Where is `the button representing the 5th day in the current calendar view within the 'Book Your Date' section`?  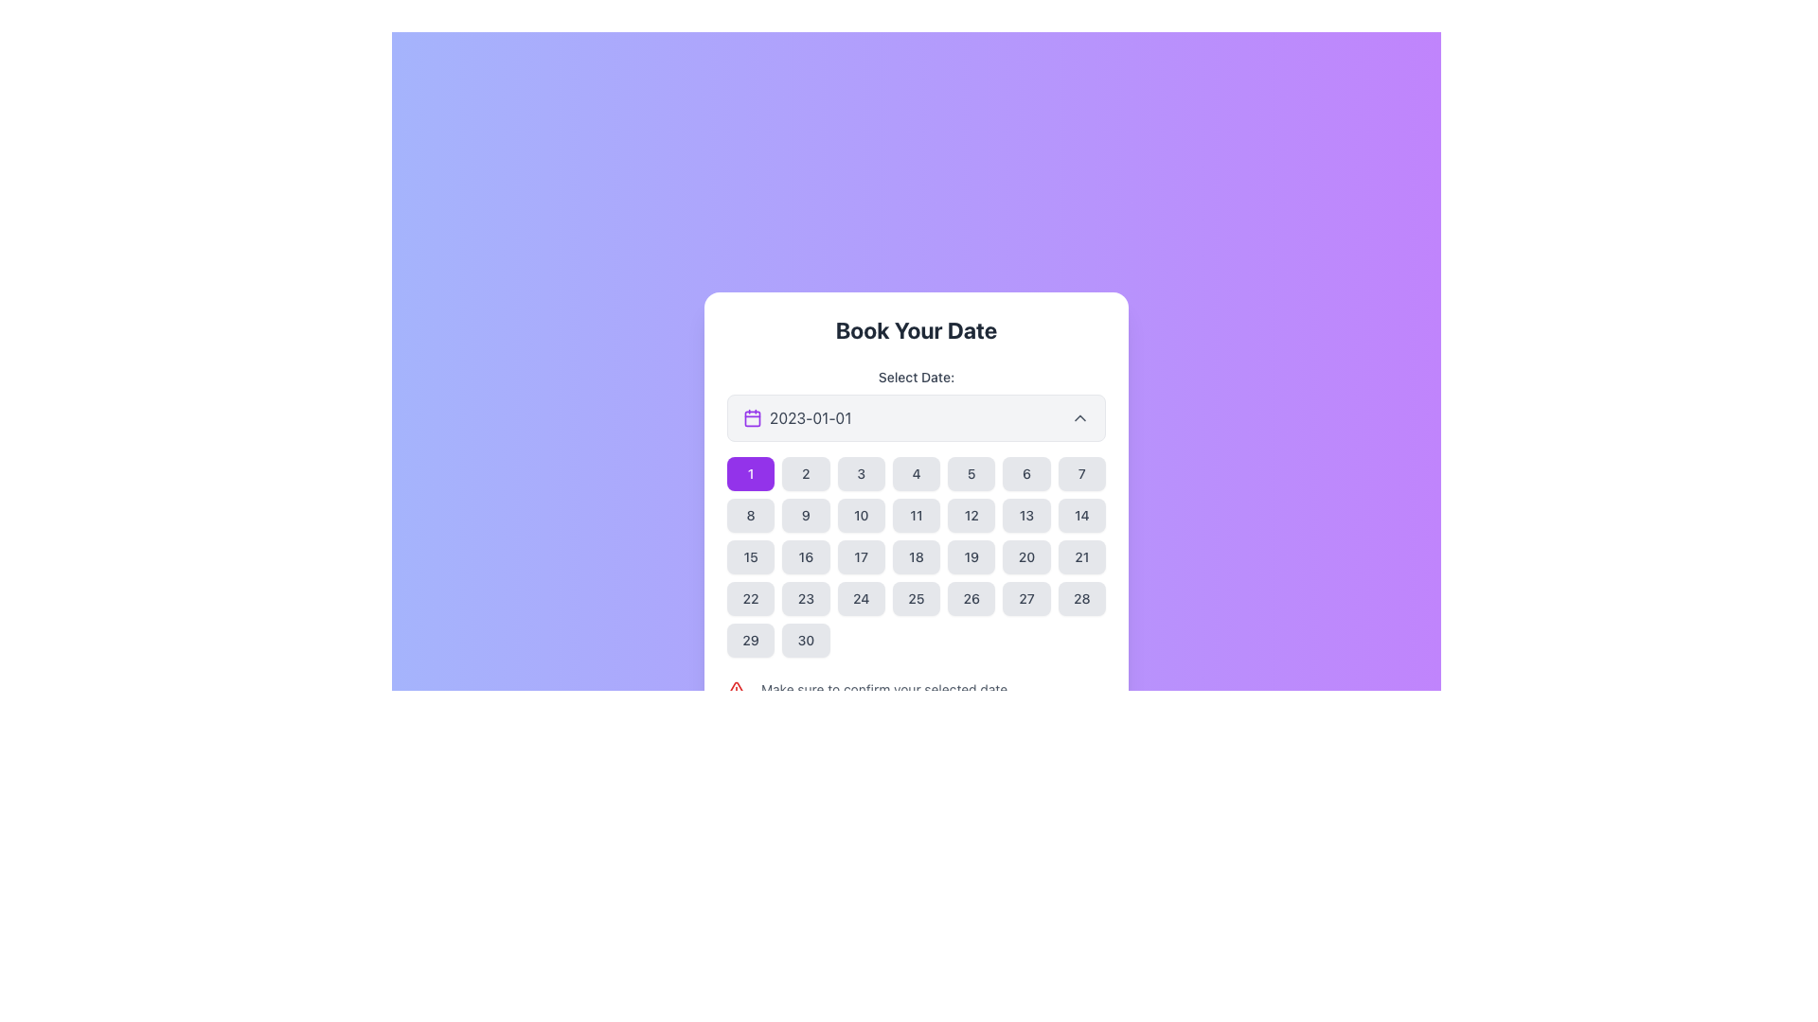 the button representing the 5th day in the current calendar view within the 'Book Your Date' section is located at coordinates (971, 473).